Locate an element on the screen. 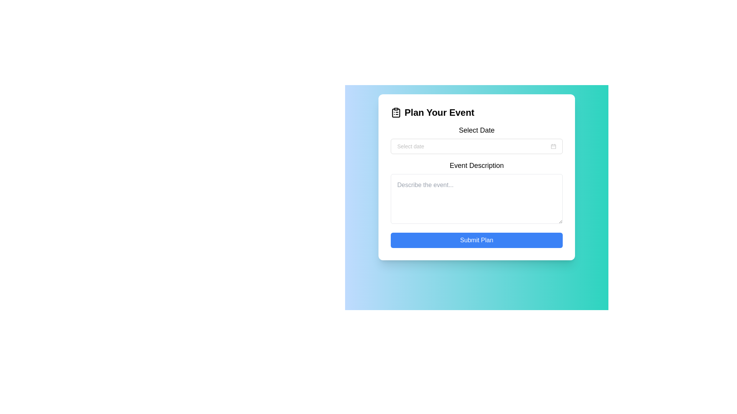 This screenshot has height=414, width=737. the miniature calendar icon located next to the 'Select date' input field in the top section of the form interface is located at coordinates (553, 146).